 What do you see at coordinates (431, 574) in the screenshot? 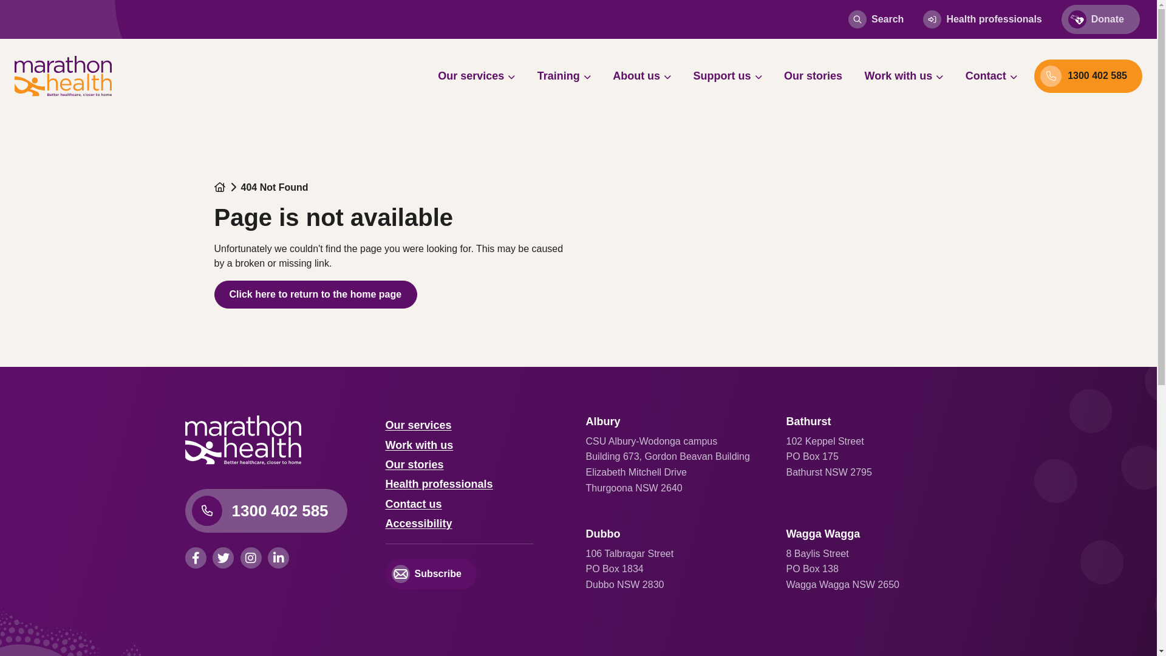
I see `'Subscribe'` at bounding box center [431, 574].